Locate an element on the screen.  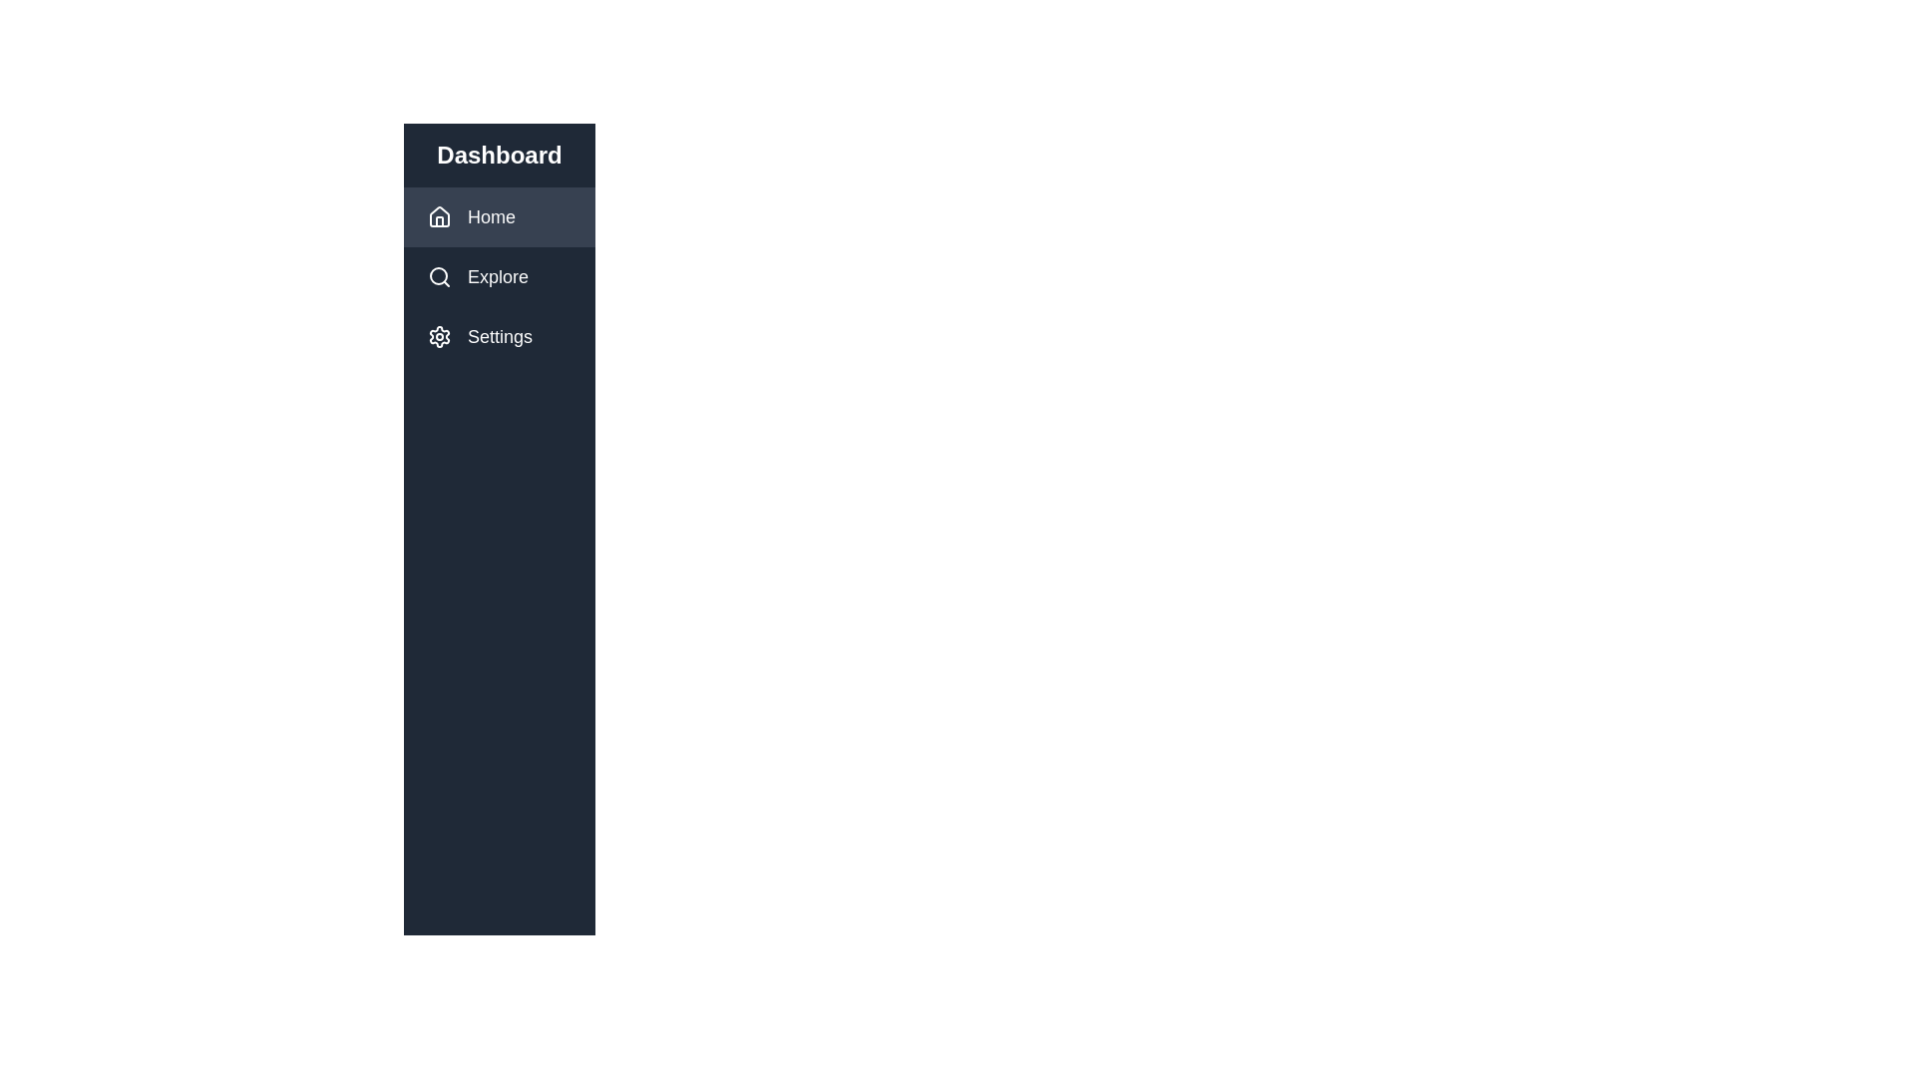
the settings icon located at the bottom of the sidebar is located at coordinates (439, 336).